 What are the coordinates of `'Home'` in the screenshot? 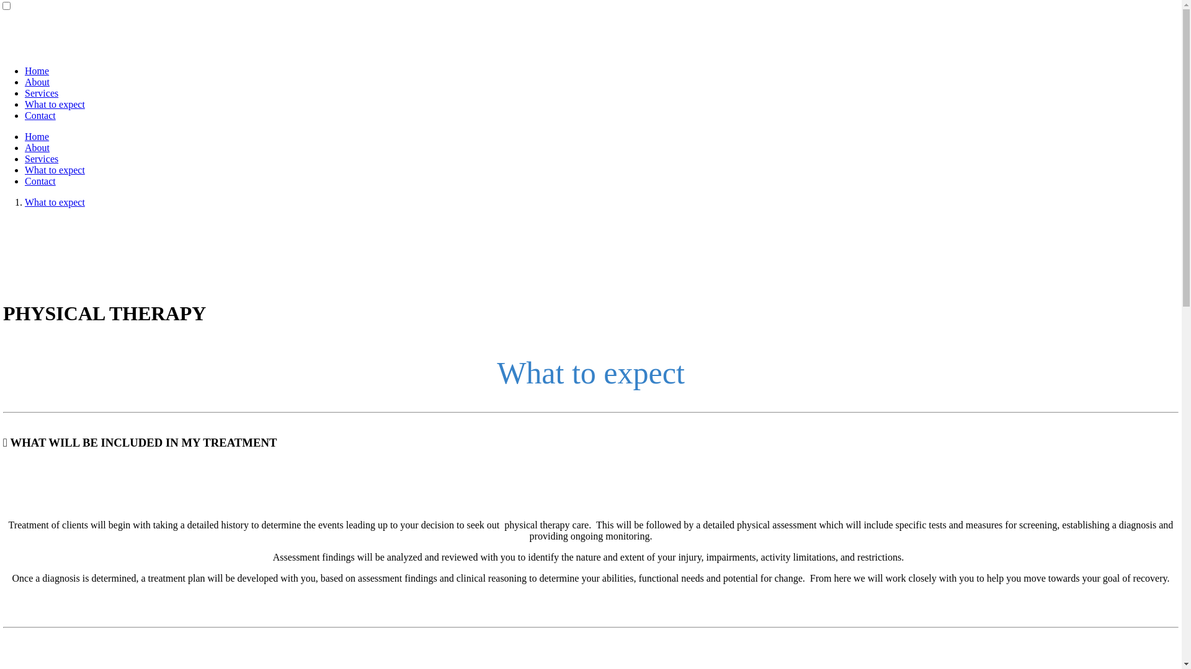 It's located at (37, 71).